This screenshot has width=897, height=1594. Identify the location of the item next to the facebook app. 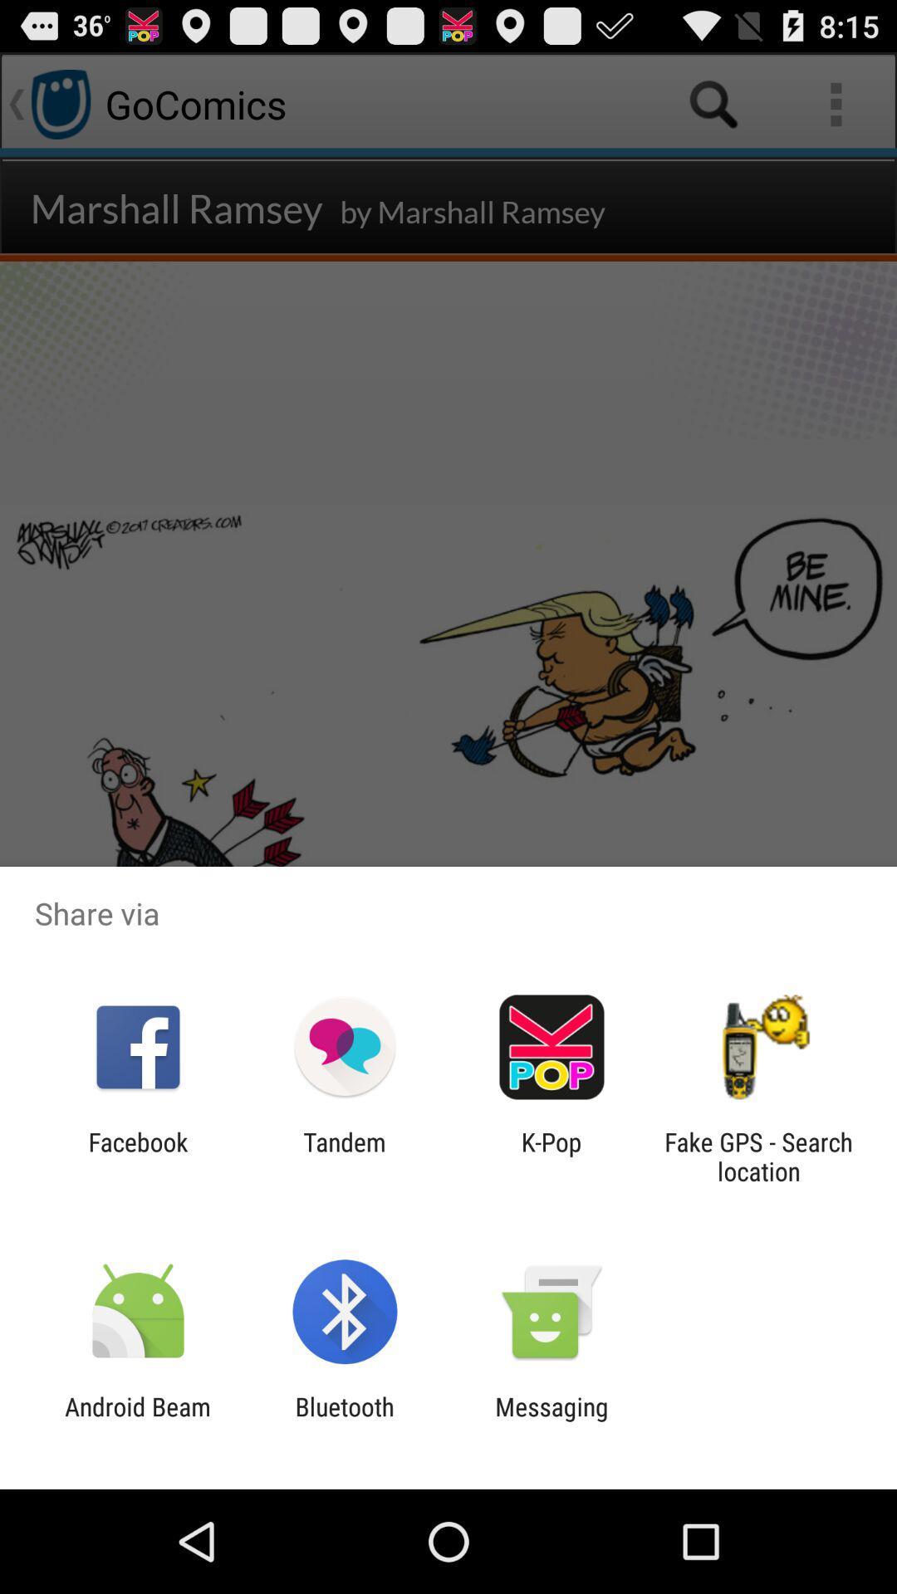
(344, 1156).